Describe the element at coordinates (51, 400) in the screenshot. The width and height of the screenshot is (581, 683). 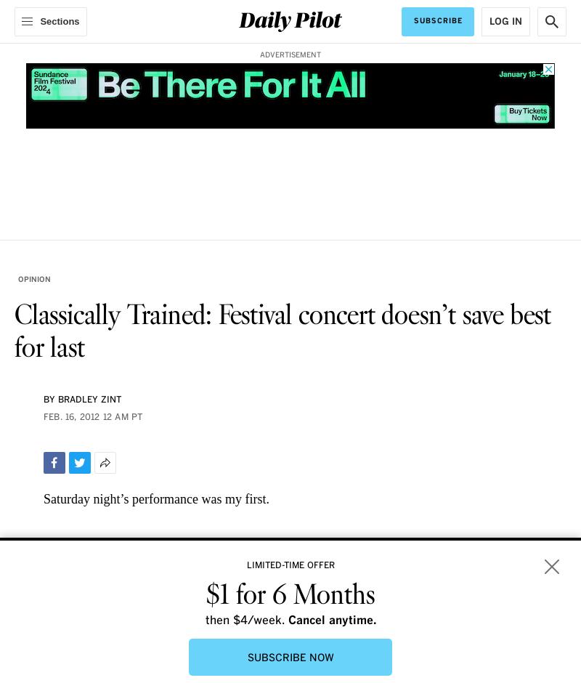
I see `'By'` at that location.